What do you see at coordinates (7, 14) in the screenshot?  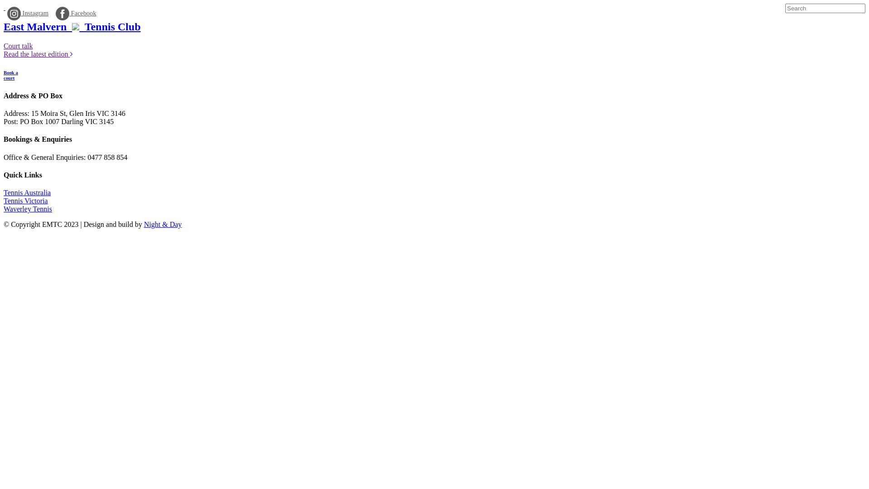 I see `'Instagram'` at bounding box center [7, 14].